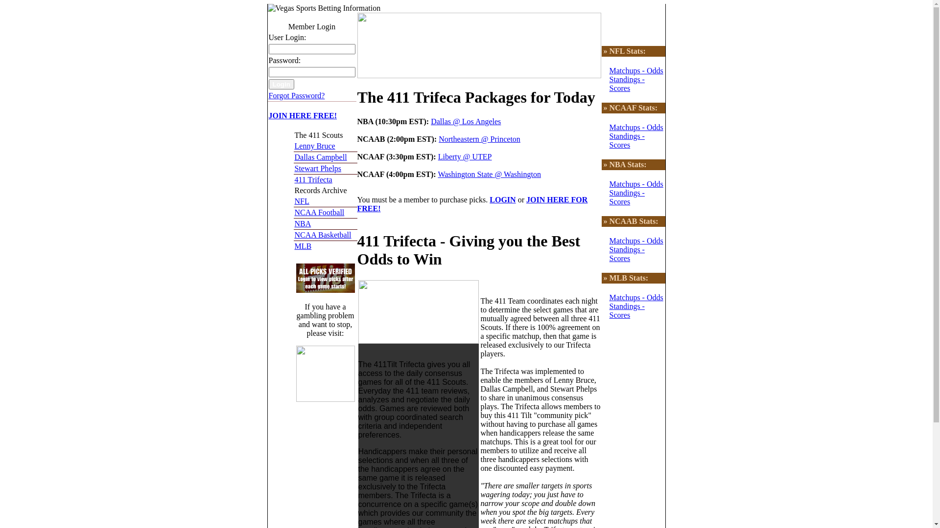 The height and width of the screenshot is (528, 940). Describe the element at coordinates (636, 193) in the screenshot. I see `'Matchups - Odds` at that location.